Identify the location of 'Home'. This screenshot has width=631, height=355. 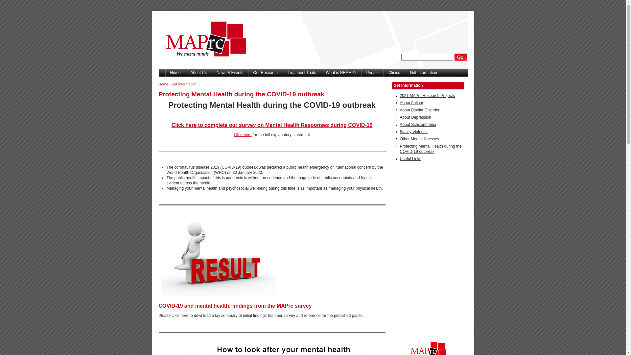
(158, 67).